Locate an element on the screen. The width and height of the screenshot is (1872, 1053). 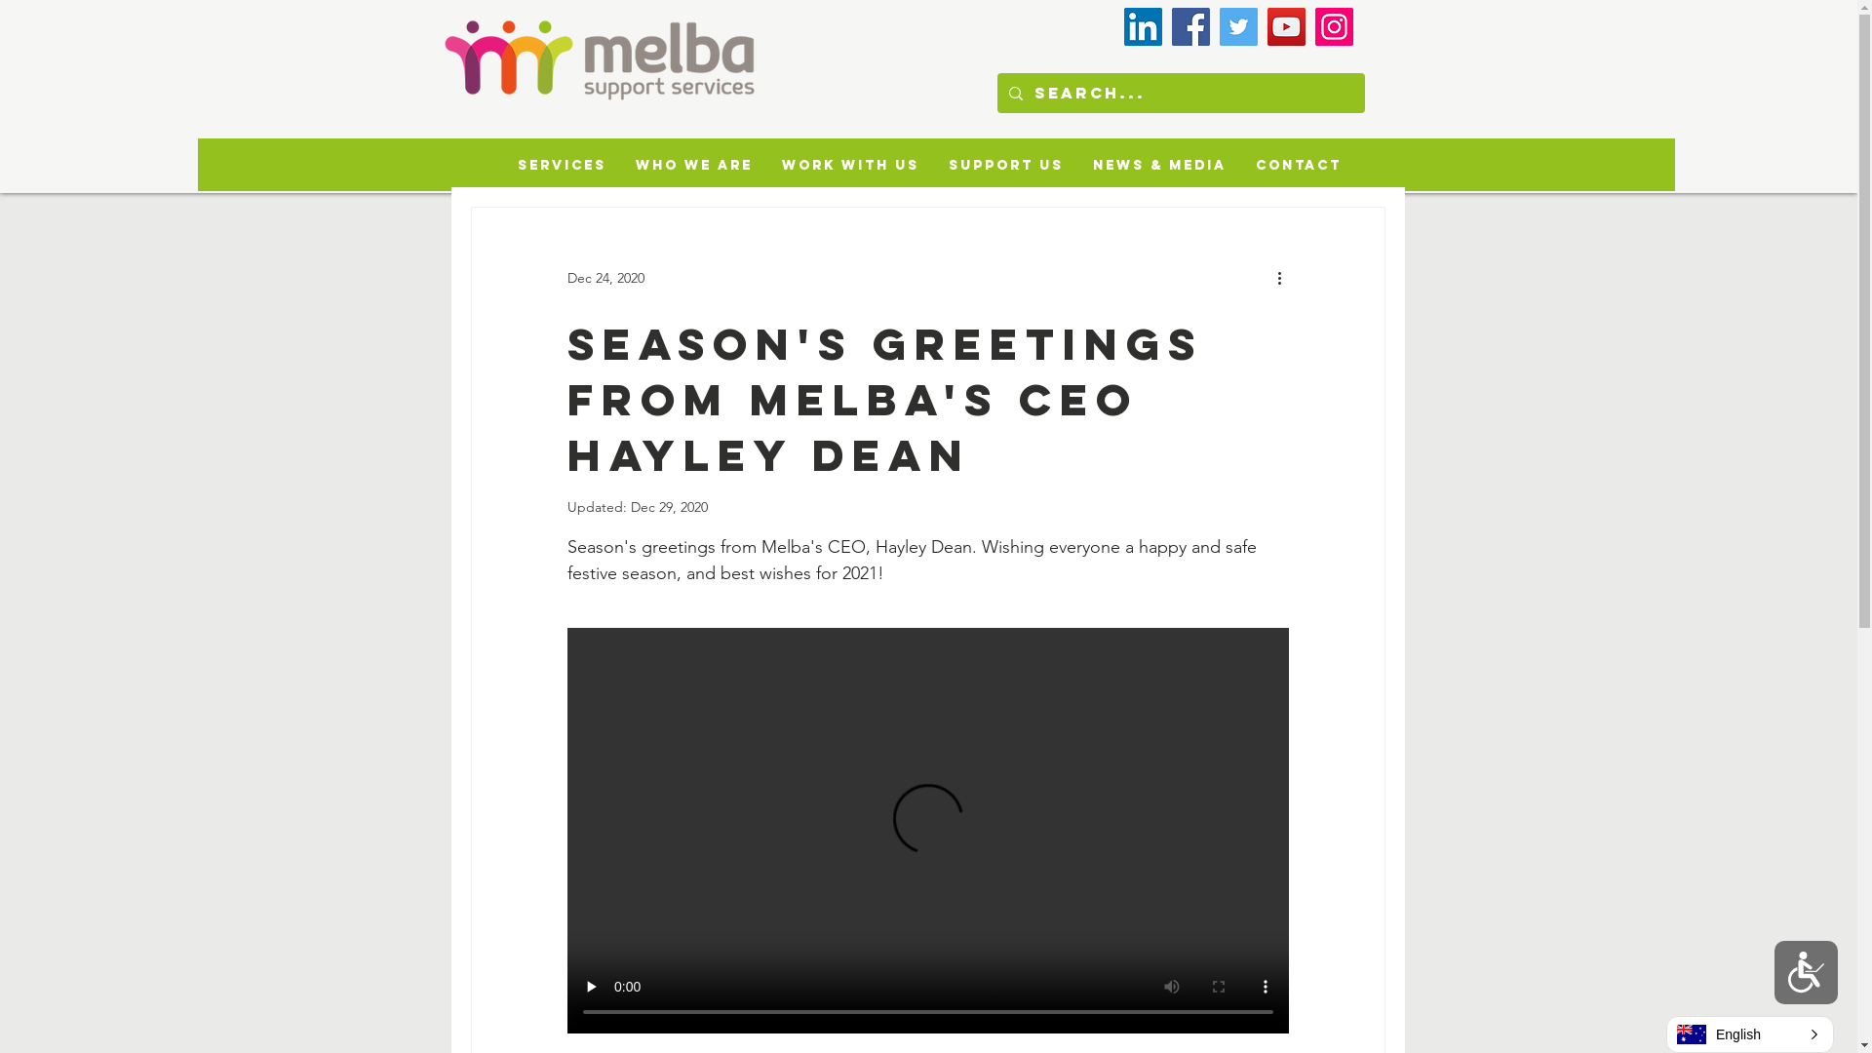
'Services' is located at coordinates (561, 164).